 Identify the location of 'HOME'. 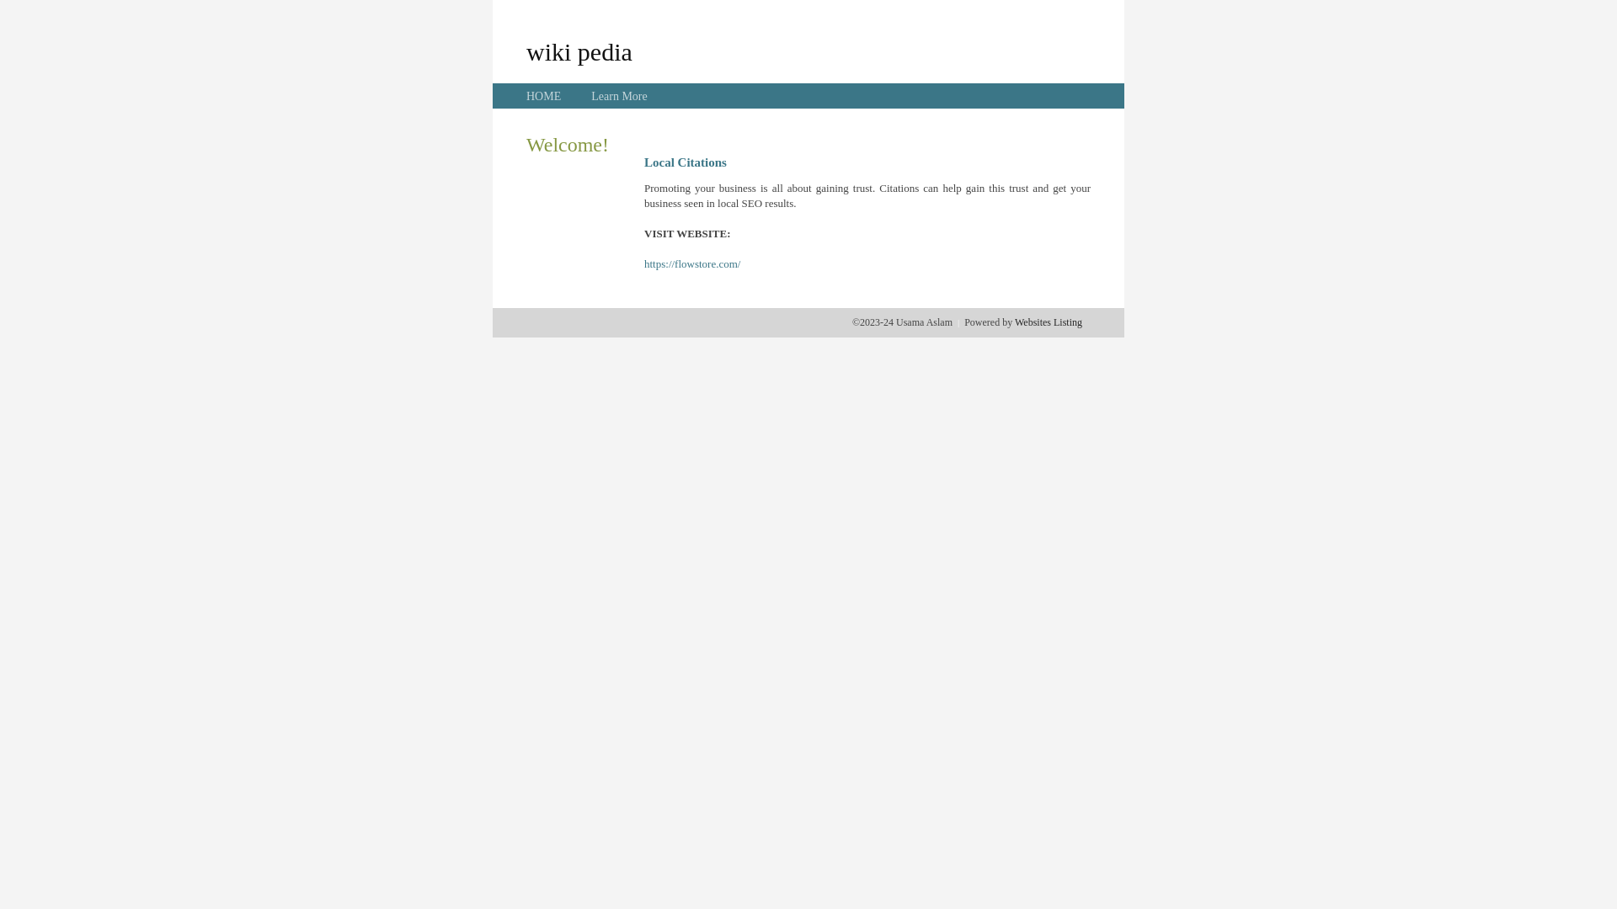
(543, 96).